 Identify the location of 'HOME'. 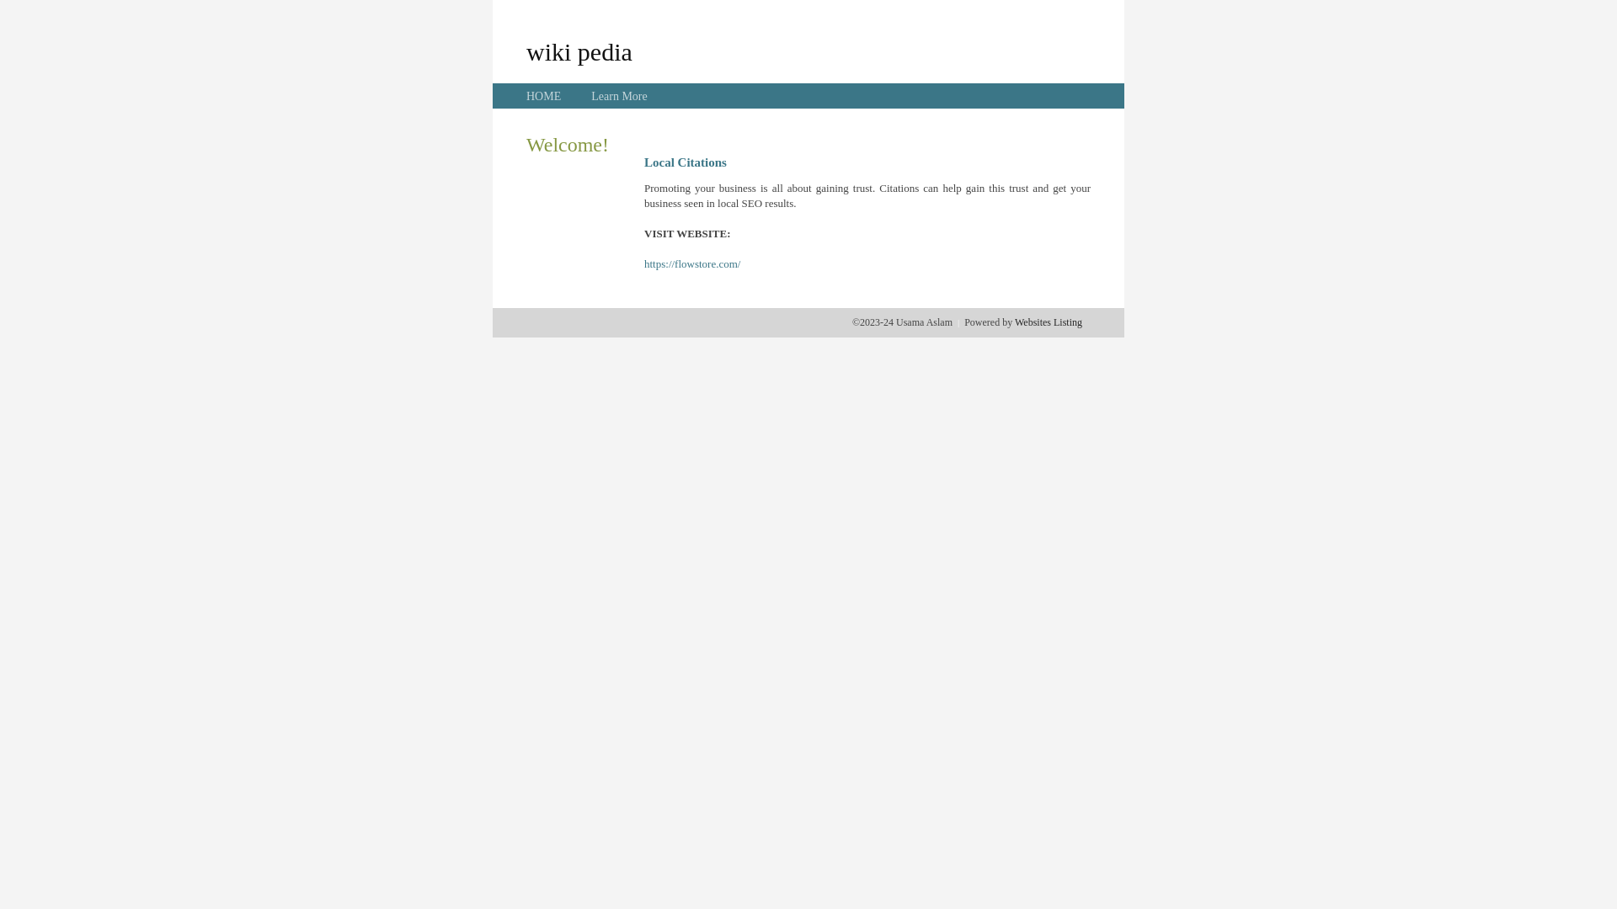
(543, 96).